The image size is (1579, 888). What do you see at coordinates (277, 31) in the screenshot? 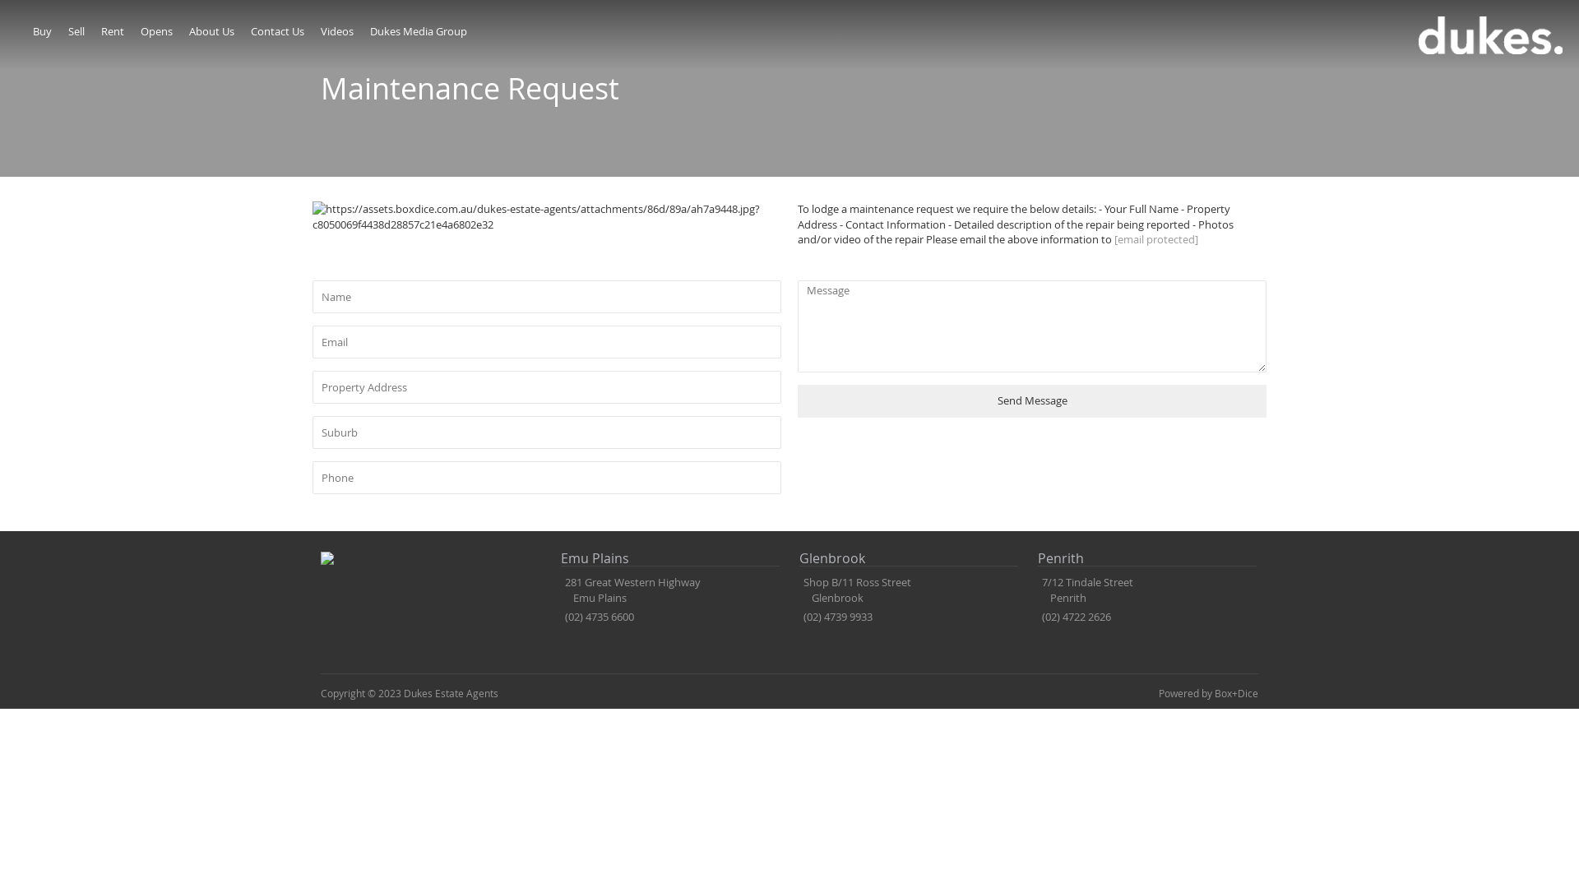
I see `'Contact Us'` at bounding box center [277, 31].